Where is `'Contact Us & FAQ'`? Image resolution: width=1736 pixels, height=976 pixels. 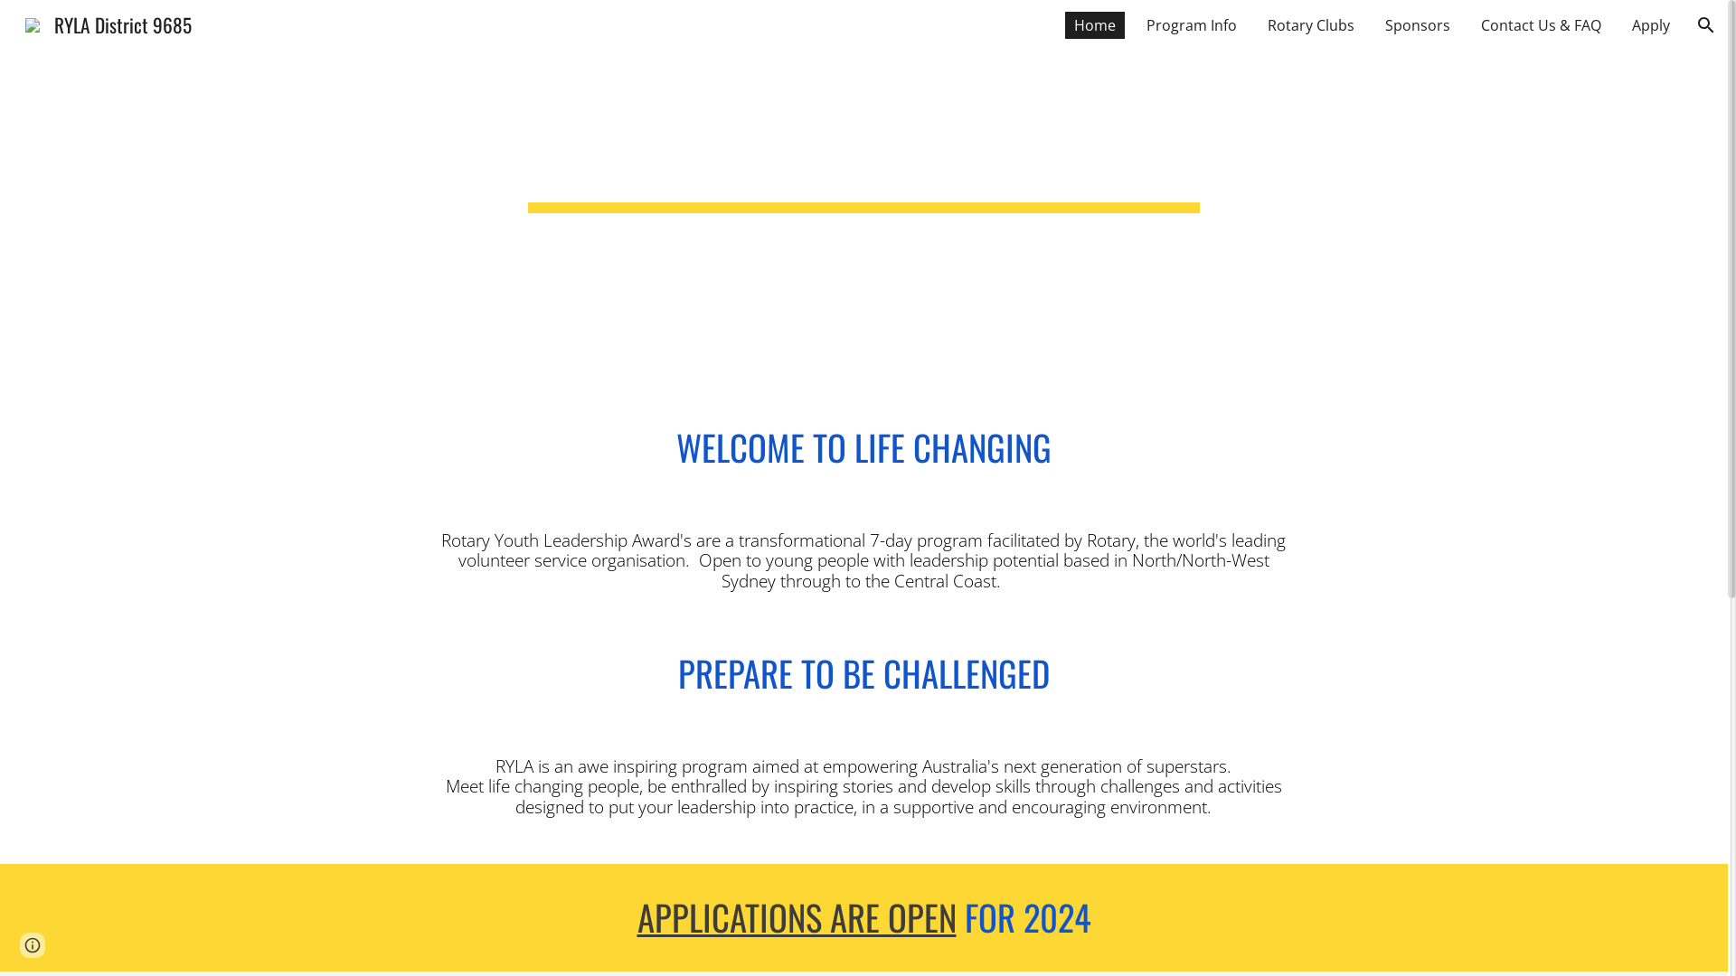
'Contact Us & FAQ' is located at coordinates (1540, 24).